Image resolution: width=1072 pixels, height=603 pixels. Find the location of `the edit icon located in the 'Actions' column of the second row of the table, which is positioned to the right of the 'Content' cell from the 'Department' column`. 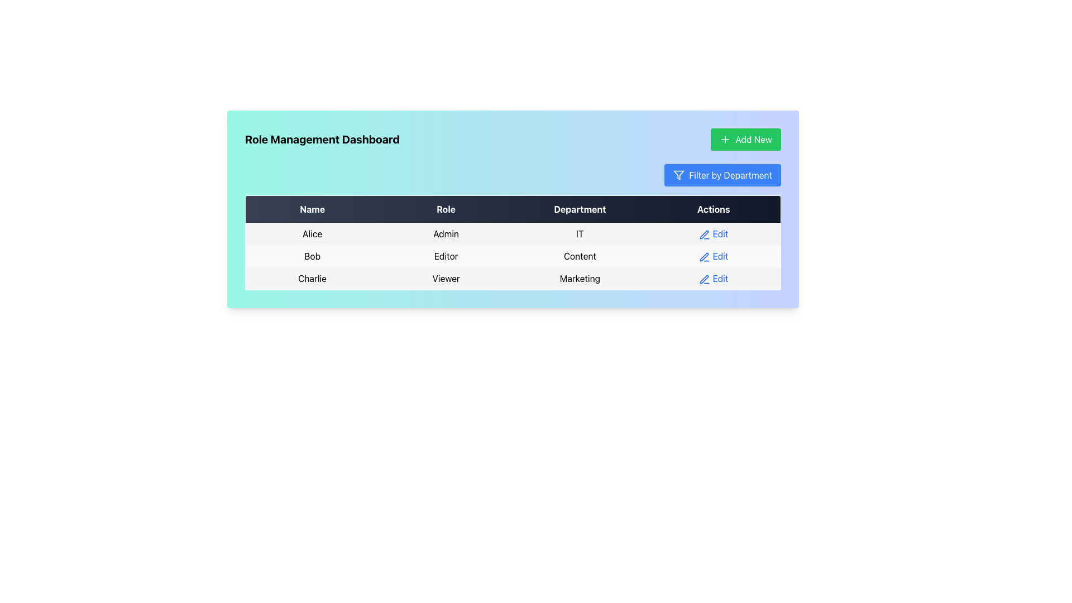

the edit icon located in the 'Actions' column of the second row of the table, which is positioned to the right of the 'Content' cell from the 'Department' column is located at coordinates (704, 257).